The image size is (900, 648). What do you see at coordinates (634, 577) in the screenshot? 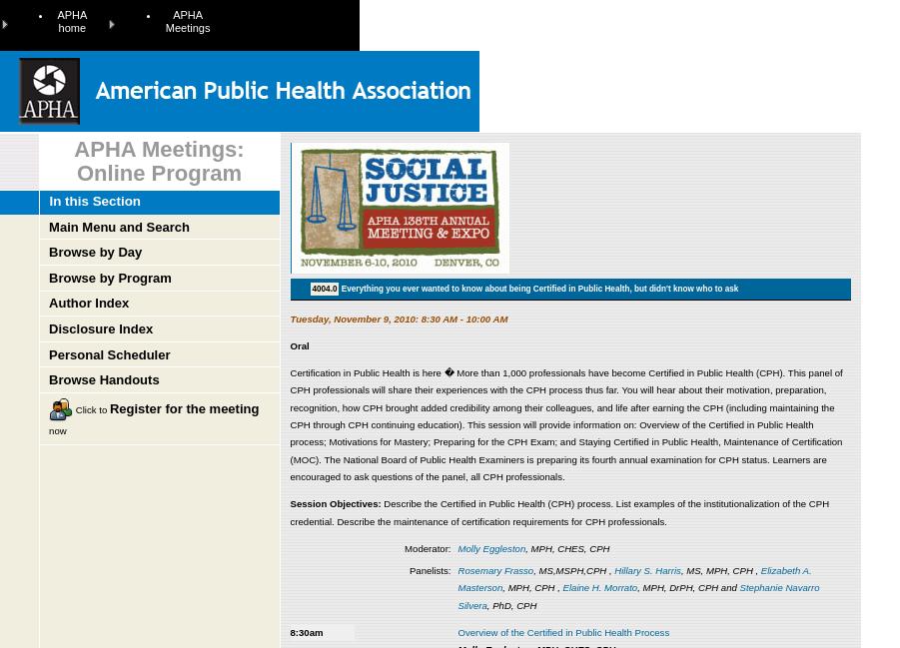
I see `'Elizabeth A. Masterson'` at bounding box center [634, 577].